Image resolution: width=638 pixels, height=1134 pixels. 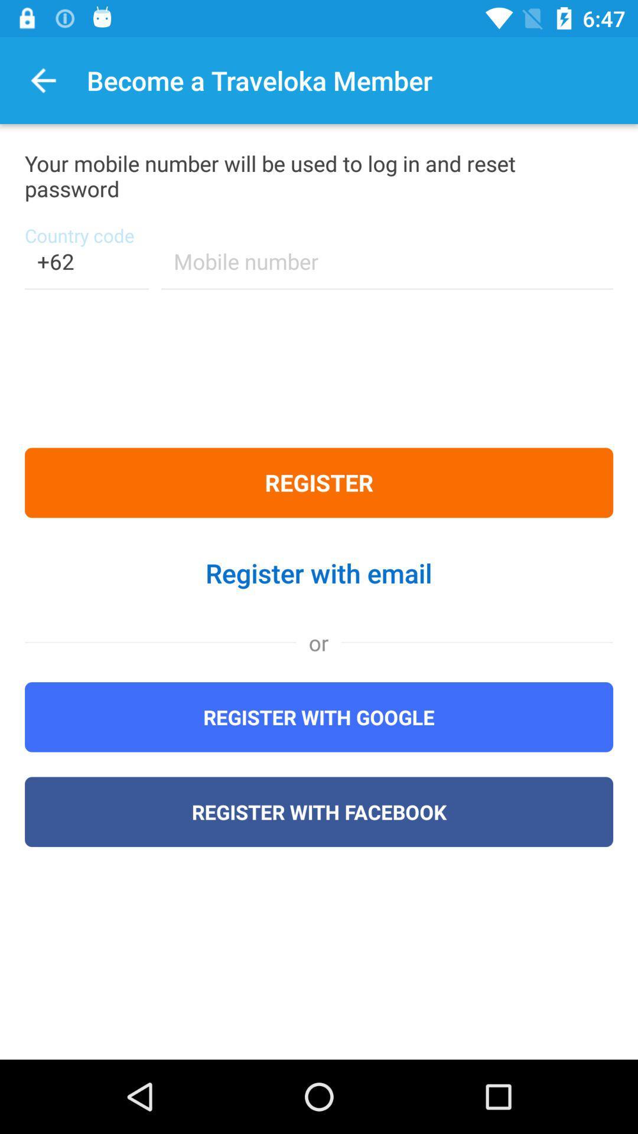 I want to click on the item next to +62 item, so click(x=387, y=268).